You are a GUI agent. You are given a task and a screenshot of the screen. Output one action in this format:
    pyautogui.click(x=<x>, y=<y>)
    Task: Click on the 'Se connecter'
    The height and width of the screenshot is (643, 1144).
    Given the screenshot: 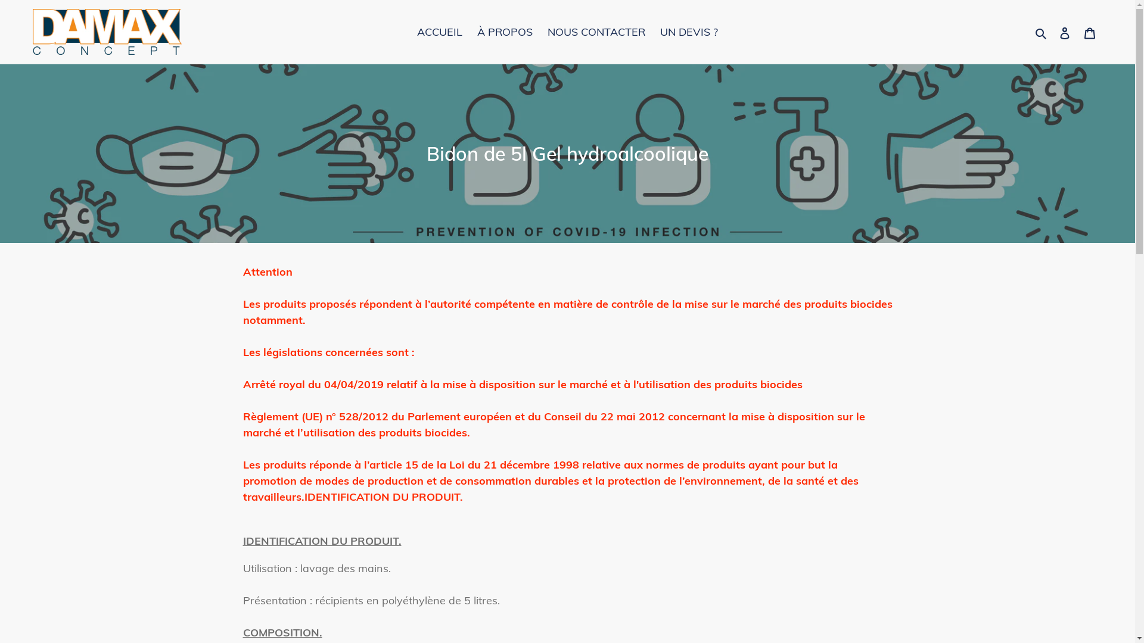 What is the action you would take?
    pyautogui.click(x=1064, y=31)
    